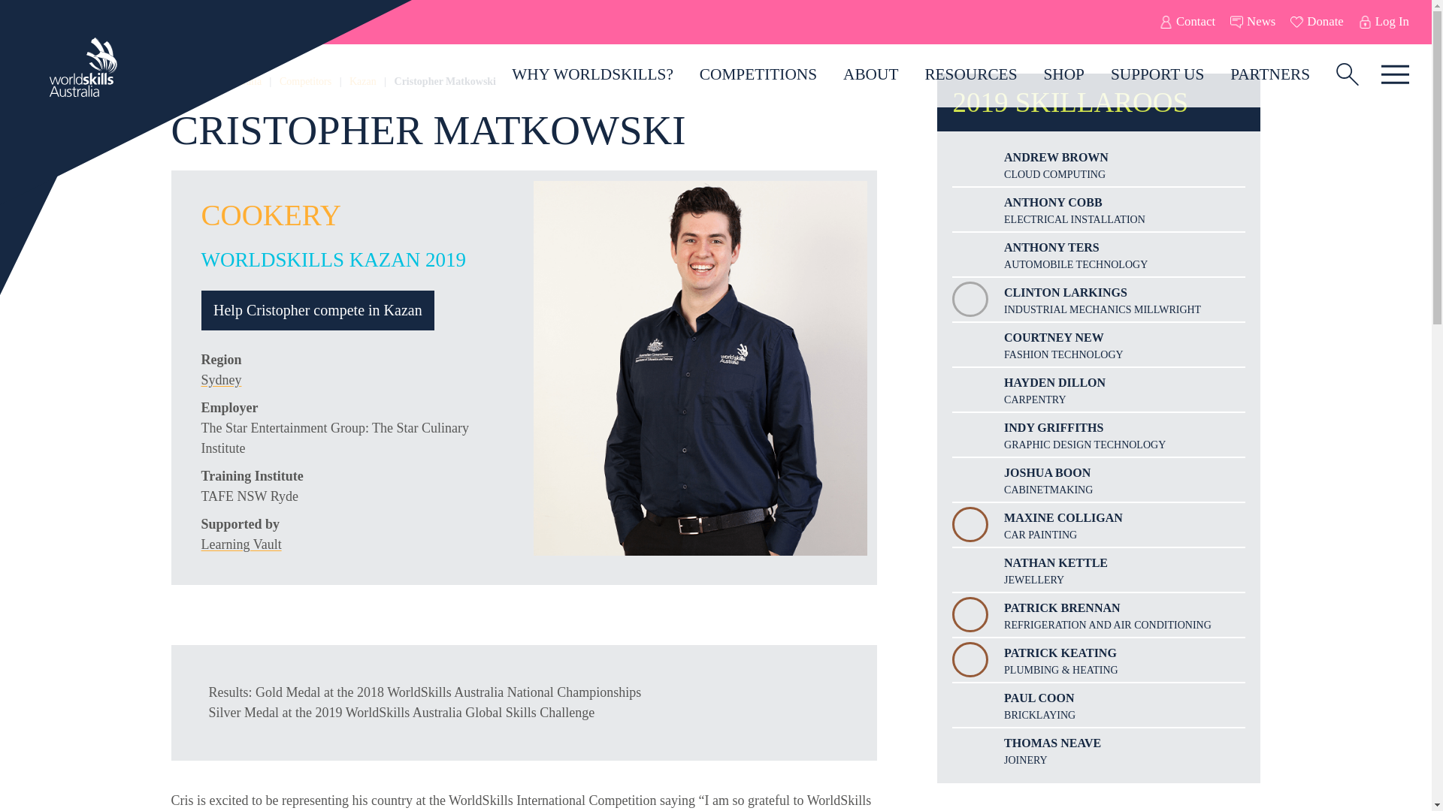  Describe the element at coordinates (1099, 480) in the screenshot. I see `'JOSHUA BOON` at that location.